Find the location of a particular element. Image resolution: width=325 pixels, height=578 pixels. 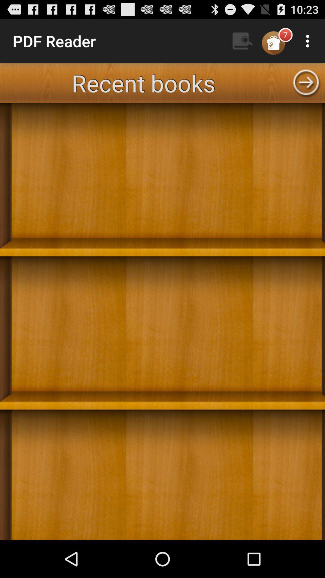

next is located at coordinates (306, 82).